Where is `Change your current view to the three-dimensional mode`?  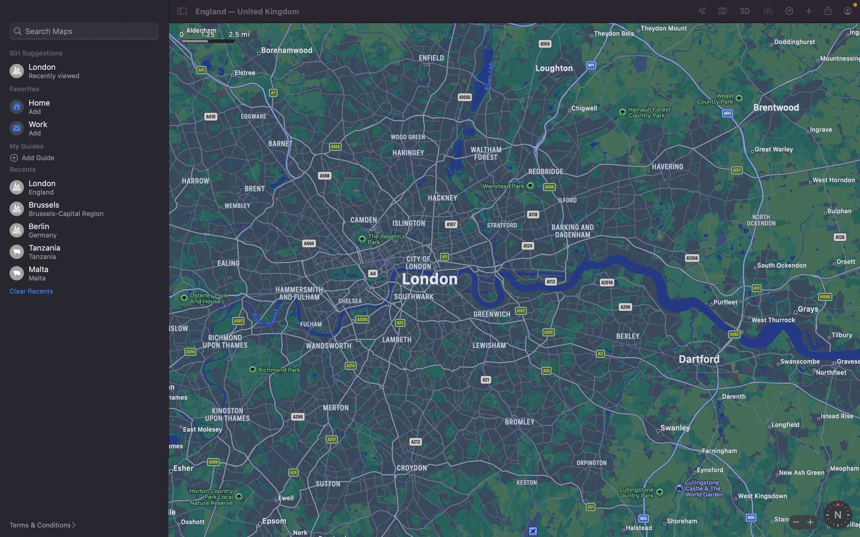
Change your current view to the three-dimensional mode is located at coordinates (744, 10).